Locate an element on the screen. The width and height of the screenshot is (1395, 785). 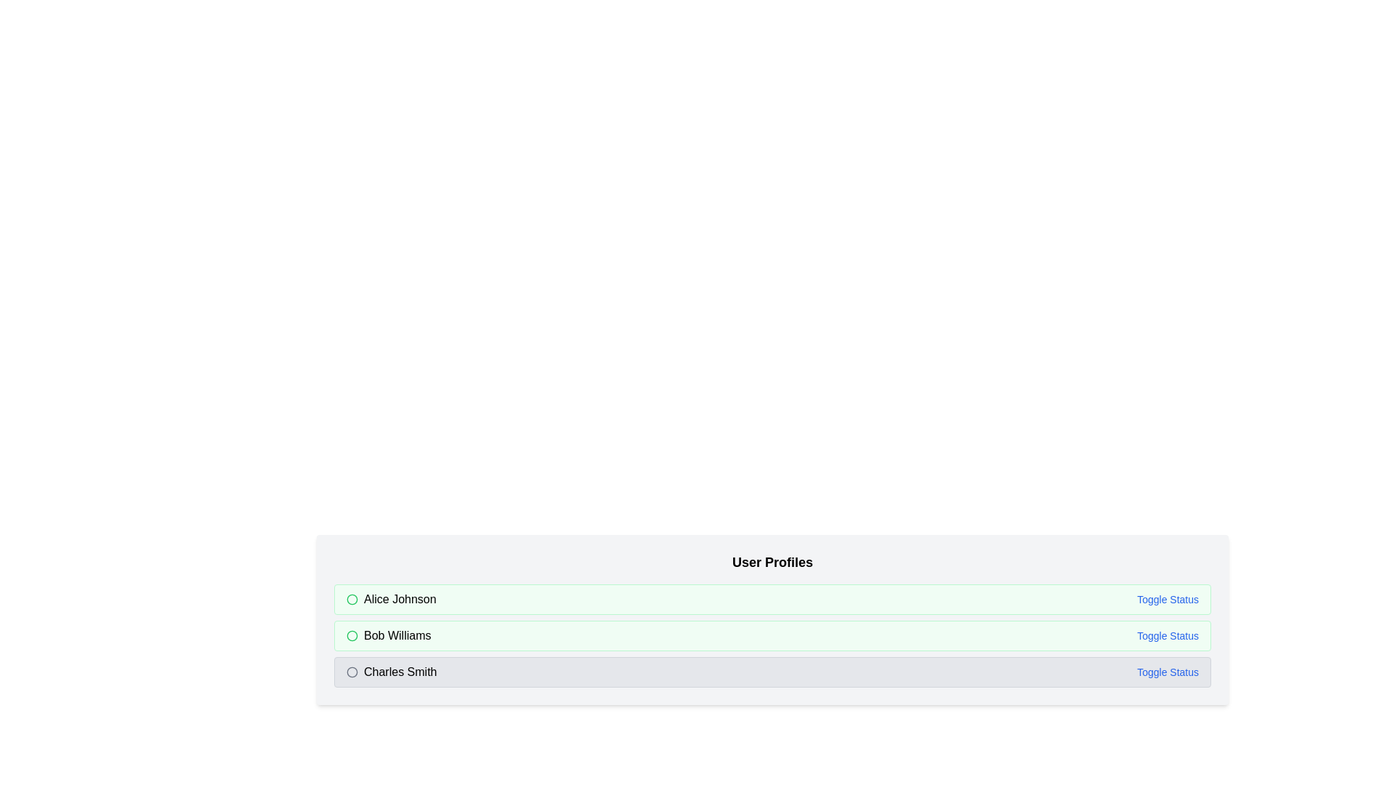
the text label displaying 'Charles Smith', which is located next to a circular icon in the user profiles section is located at coordinates (392, 672).